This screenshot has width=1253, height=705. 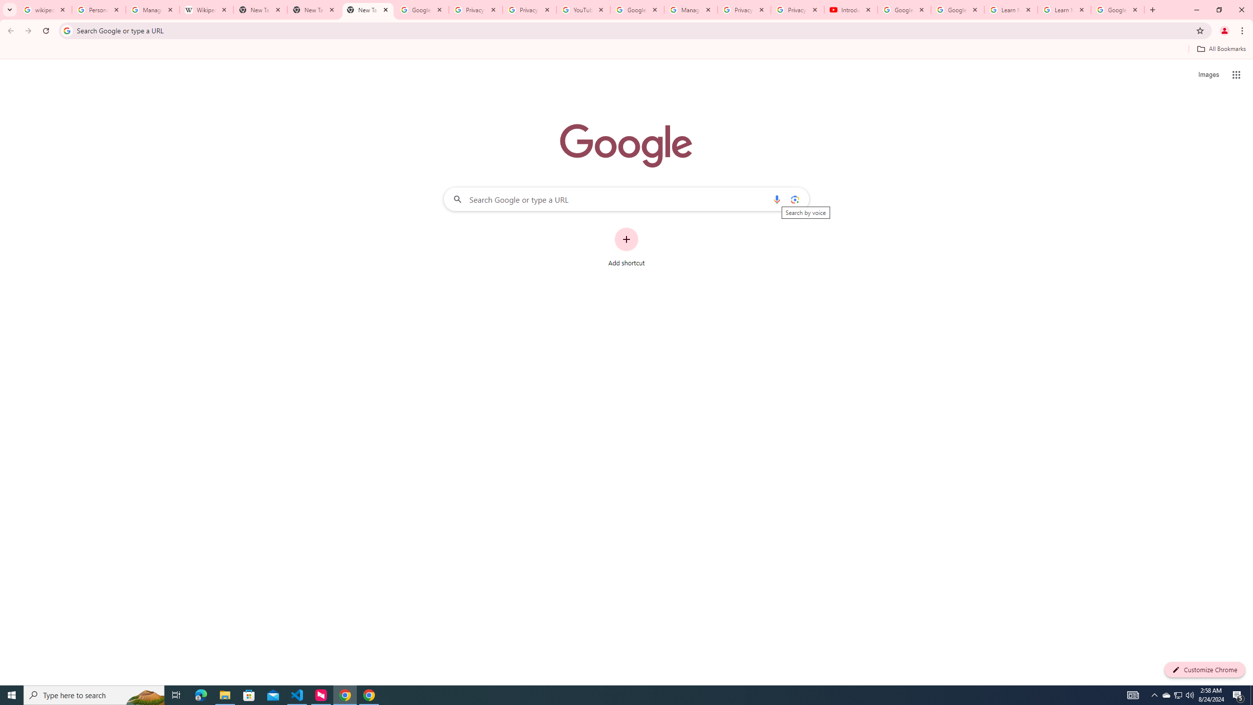 I want to click on 'New Tab', so click(x=368, y=9).